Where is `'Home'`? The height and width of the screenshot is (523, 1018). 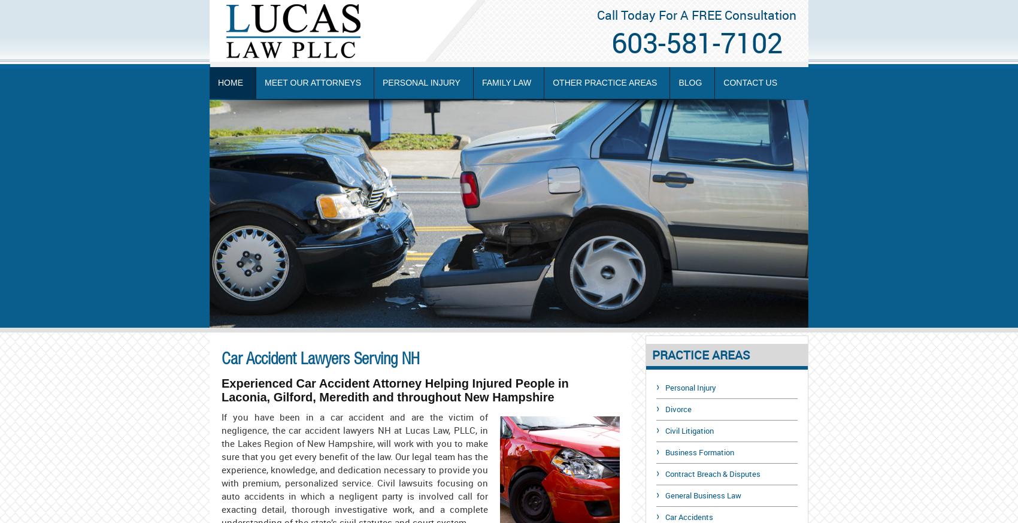 'Home' is located at coordinates (230, 83).